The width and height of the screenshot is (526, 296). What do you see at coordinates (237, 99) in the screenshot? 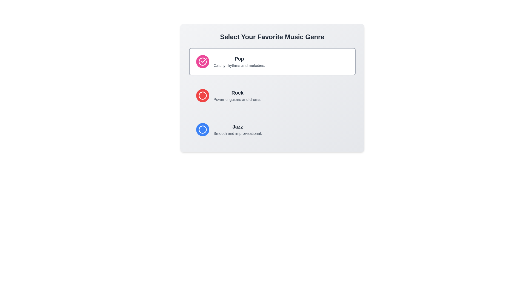
I see `the Text Label displaying 'Powerful guitars and drums.' which is located directly below the 'Rock' title in the interface` at bounding box center [237, 99].